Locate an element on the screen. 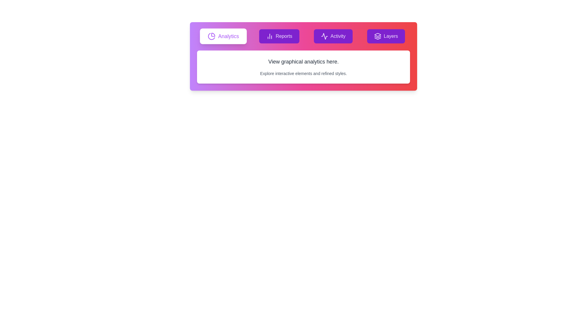  the tab labeled Activity is located at coordinates (333, 36).